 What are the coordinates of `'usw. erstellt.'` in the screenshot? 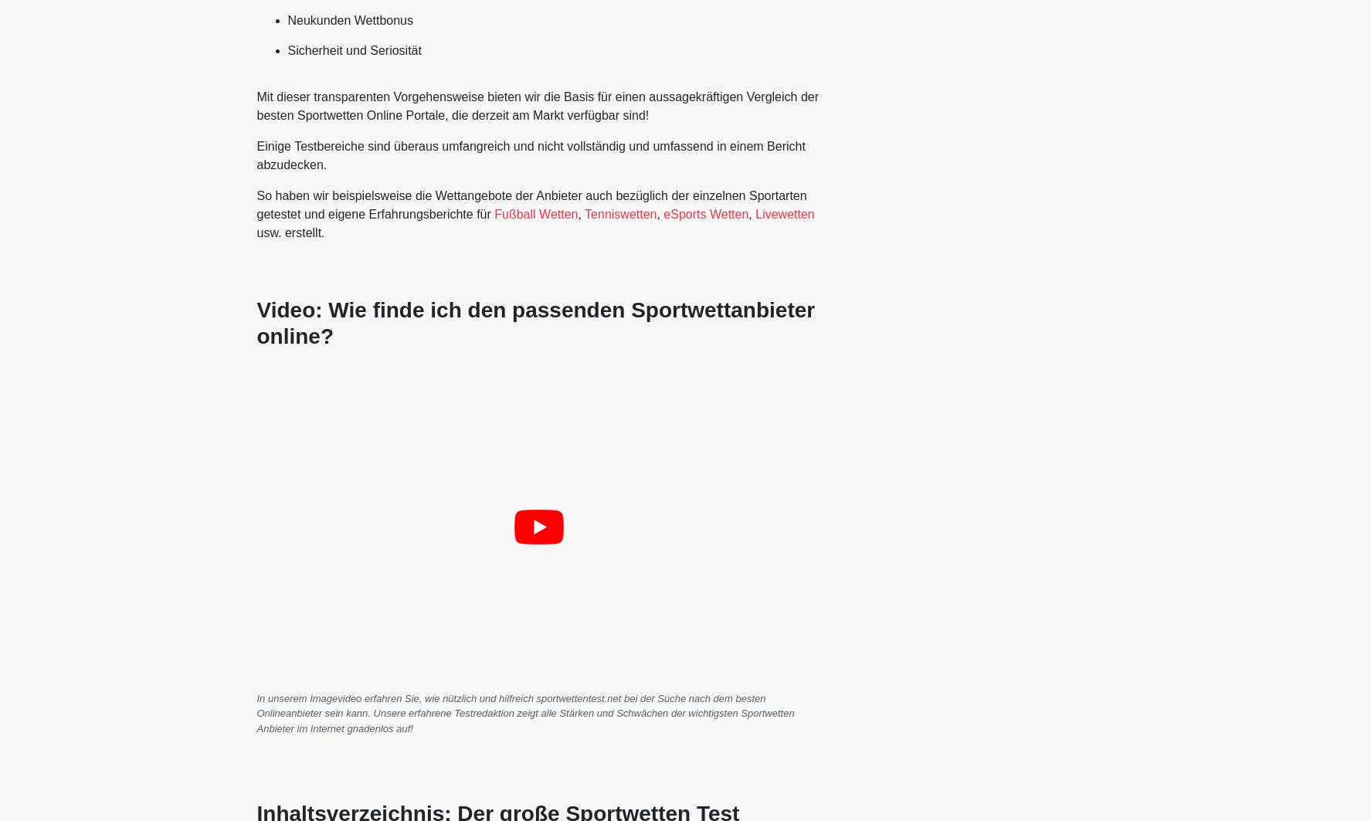 It's located at (289, 232).